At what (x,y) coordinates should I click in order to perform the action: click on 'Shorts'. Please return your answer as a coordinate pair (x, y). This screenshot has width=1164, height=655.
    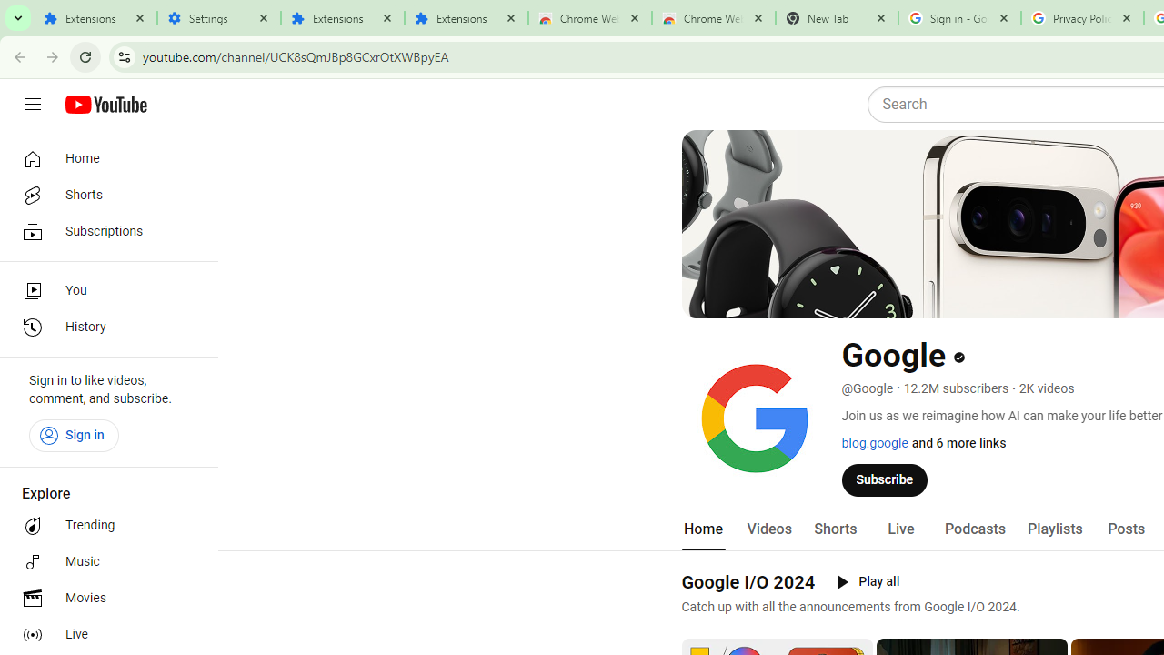
    Looking at the image, I should click on (834, 529).